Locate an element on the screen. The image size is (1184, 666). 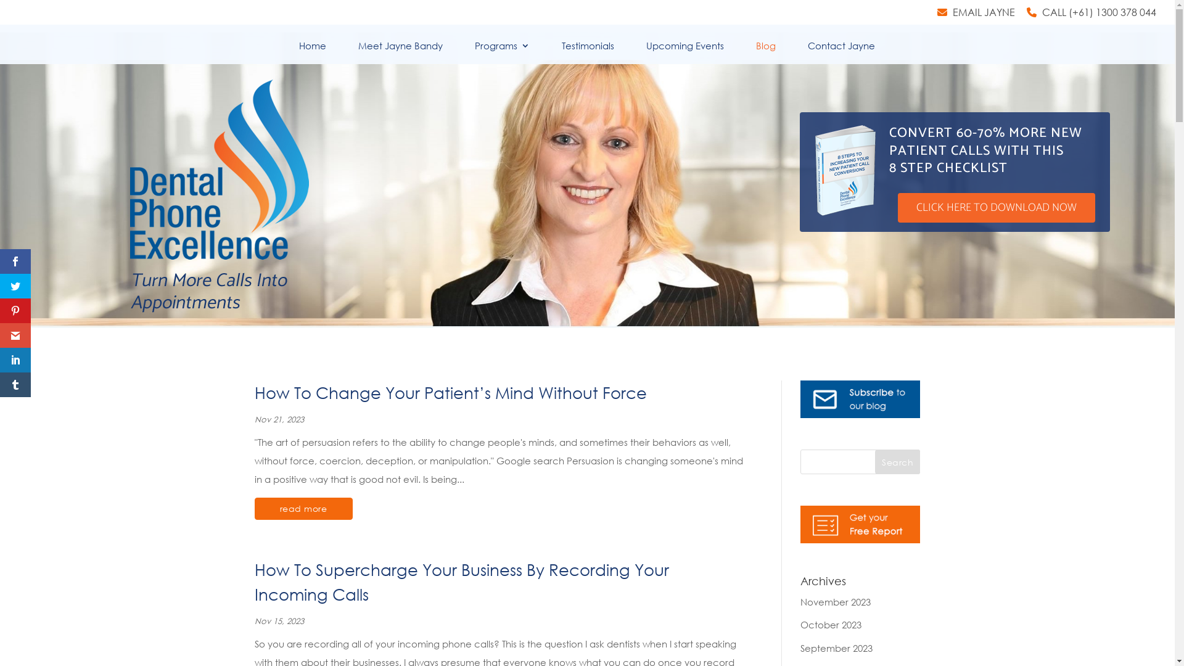
'Upcoming Events' is located at coordinates (684, 52).